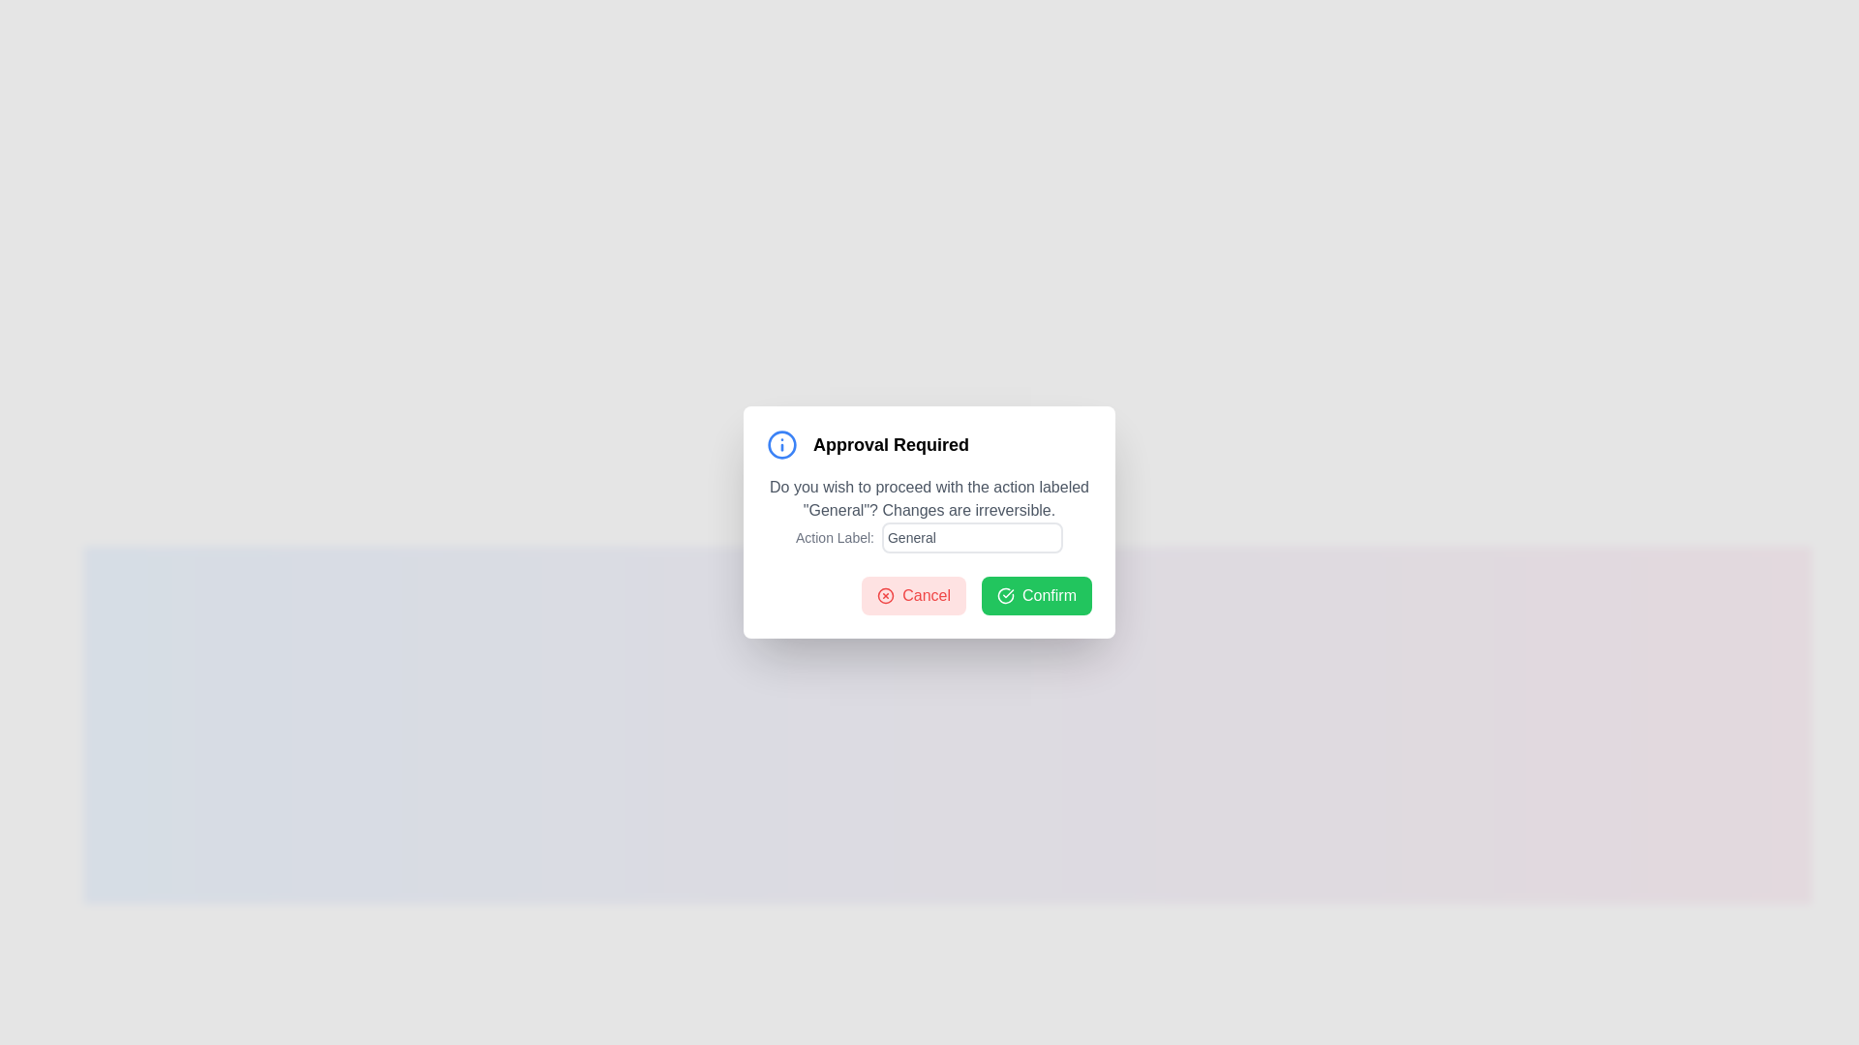  Describe the element at coordinates (913, 595) in the screenshot. I see `the 'Cancel' button located in the bottom-right section of the modal dialog` at that location.